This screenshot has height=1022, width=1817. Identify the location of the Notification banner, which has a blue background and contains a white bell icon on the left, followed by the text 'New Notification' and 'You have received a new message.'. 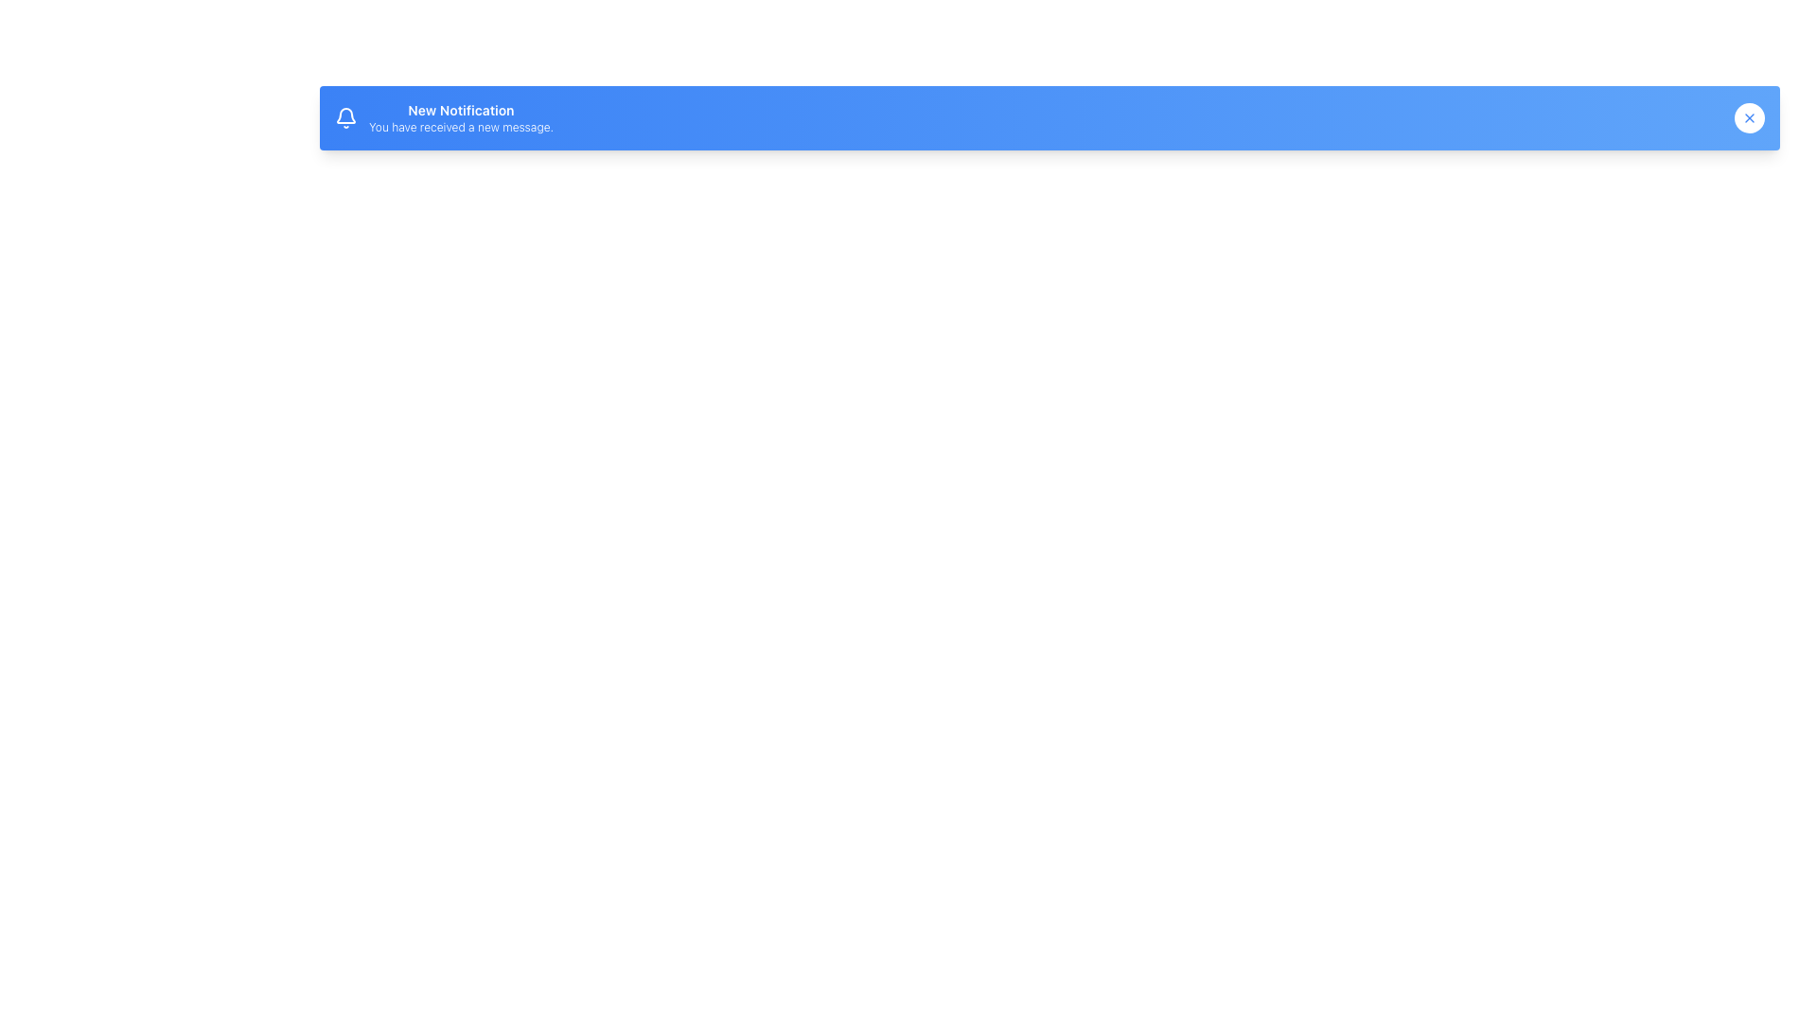
(443, 117).